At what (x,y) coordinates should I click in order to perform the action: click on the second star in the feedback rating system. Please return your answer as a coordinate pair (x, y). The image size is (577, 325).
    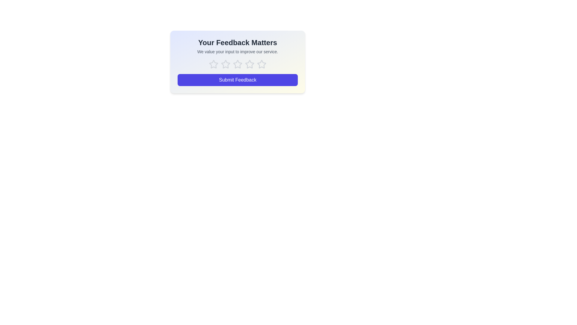
    Looking at the image, I should click on (225, 64).